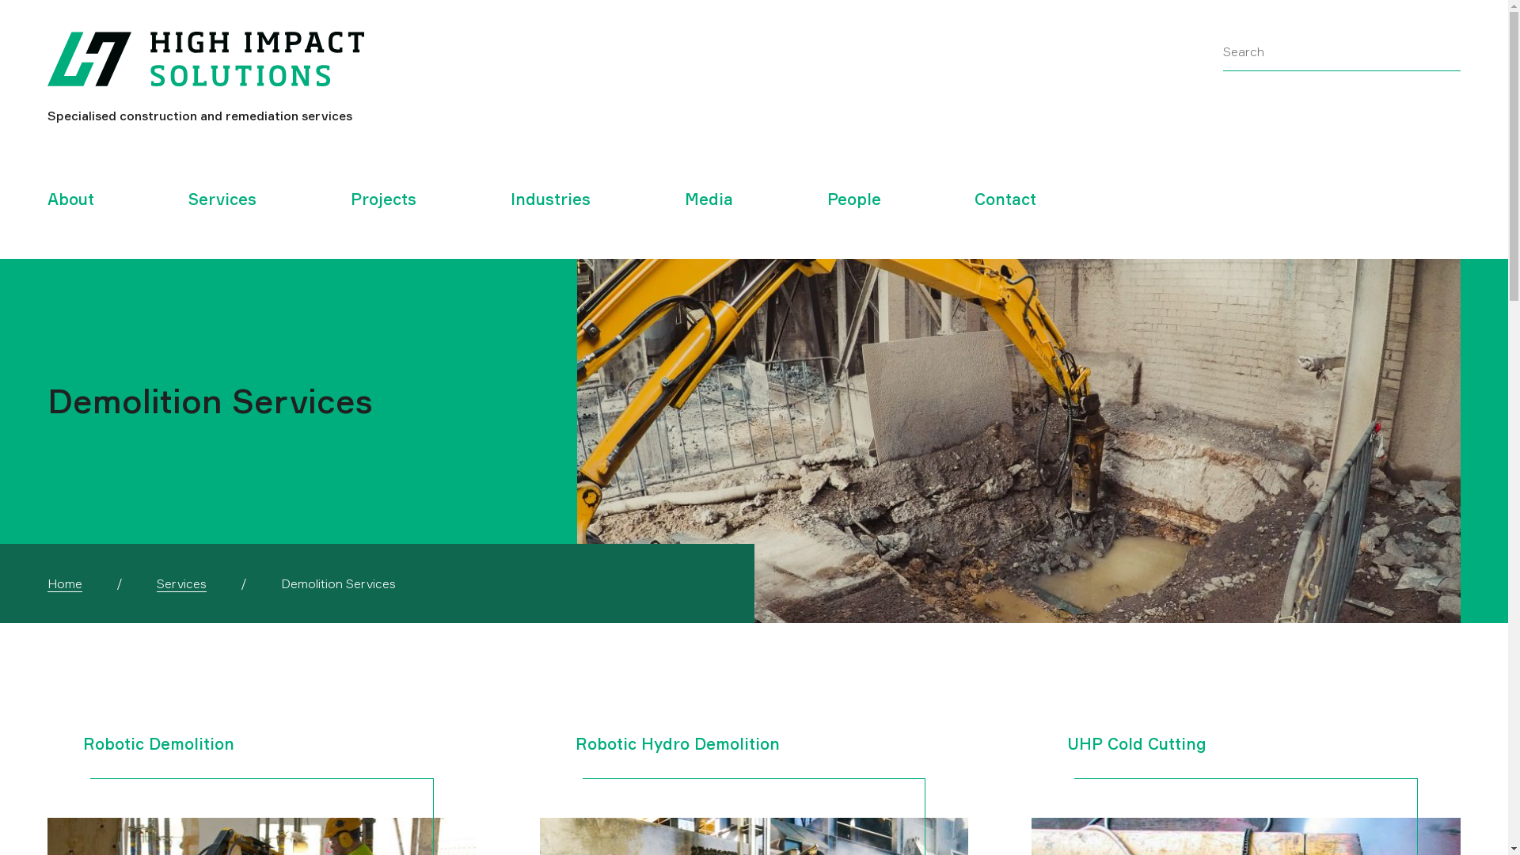  What do you see at coordinates (70, 198) in the screenshot?
I see `'About'` at bounding box center [70, 198].